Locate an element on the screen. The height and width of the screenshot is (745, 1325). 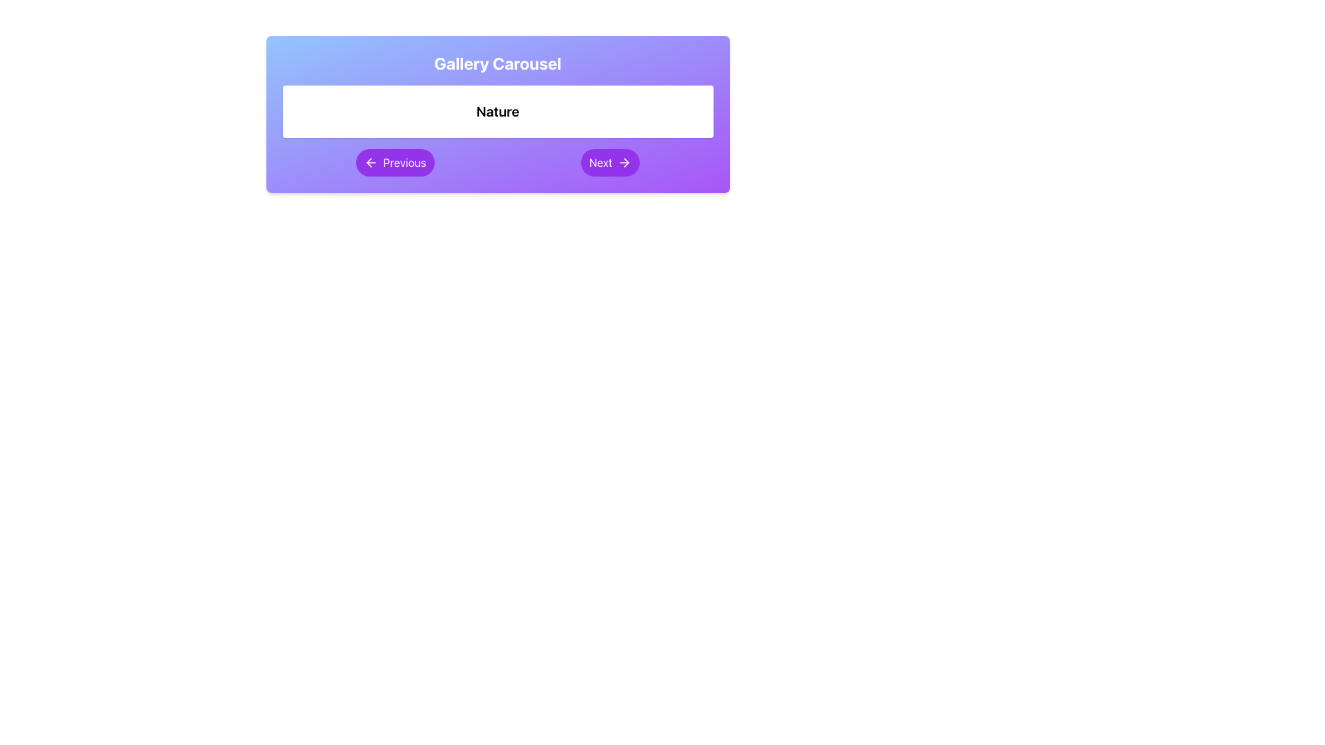
the icon located inside the 'Next' button on the bottom-right of the carousel interface to proceed to the next item in the carousel sequence is located at coordinates (624, 161).